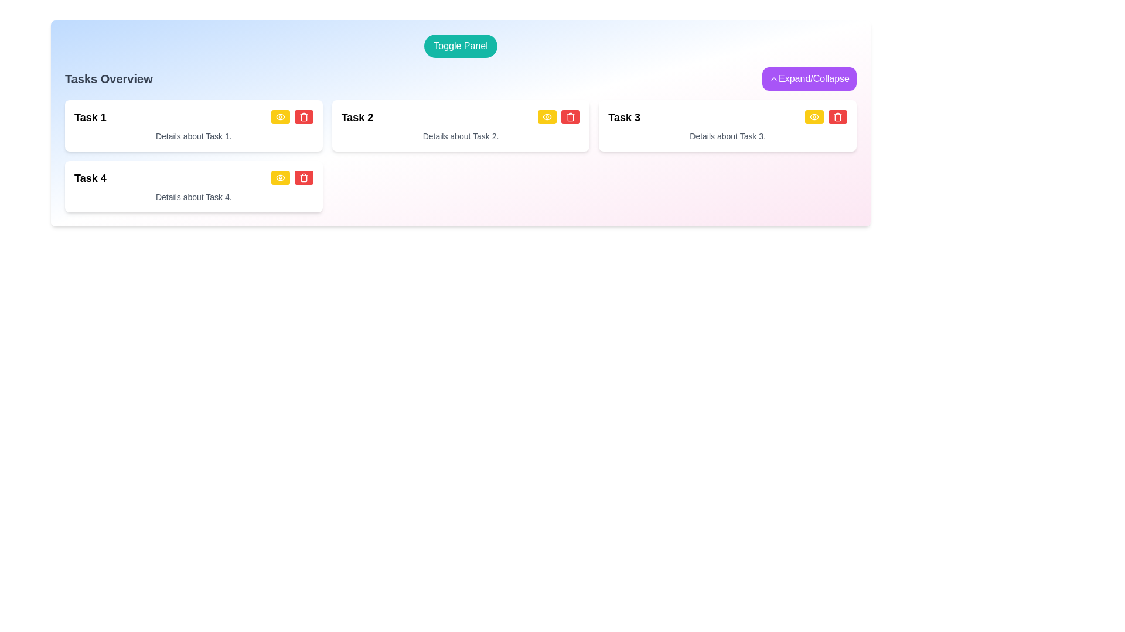  Describe the element at coordinates (809, 79) in the screenshot. I see `the button with a purple background and white text that reads 'Expand/Collapse' located at the top-right corner of the 'Tasks Overview' panel` at that location.